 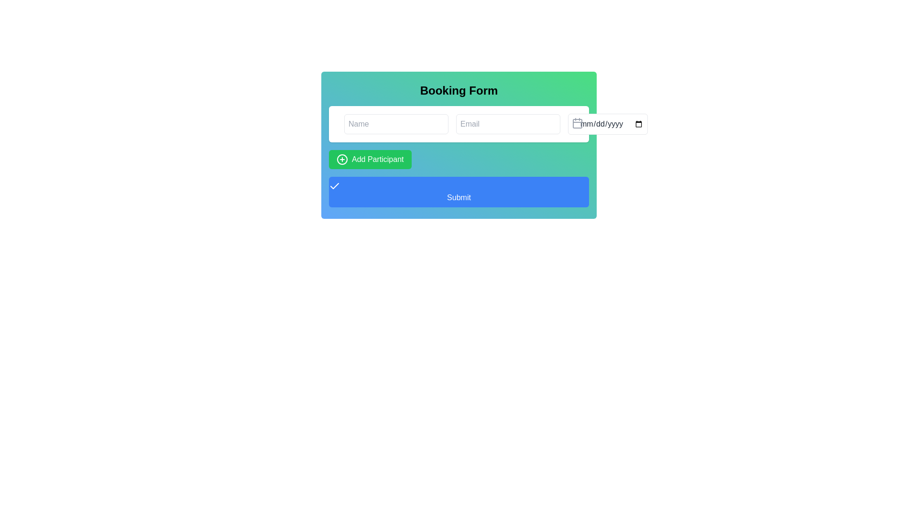 I want to click on the icon within the green button labeled 'Add Participant', so click(x=342, y=159).